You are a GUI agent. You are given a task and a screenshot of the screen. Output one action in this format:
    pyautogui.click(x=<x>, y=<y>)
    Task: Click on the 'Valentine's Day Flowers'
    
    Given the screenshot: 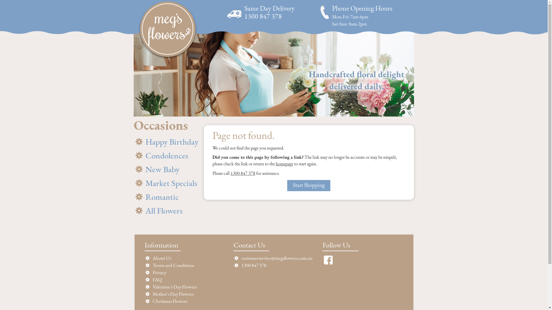 What is the action you would take?
    pyautogui.click(x=174, y=287)
    